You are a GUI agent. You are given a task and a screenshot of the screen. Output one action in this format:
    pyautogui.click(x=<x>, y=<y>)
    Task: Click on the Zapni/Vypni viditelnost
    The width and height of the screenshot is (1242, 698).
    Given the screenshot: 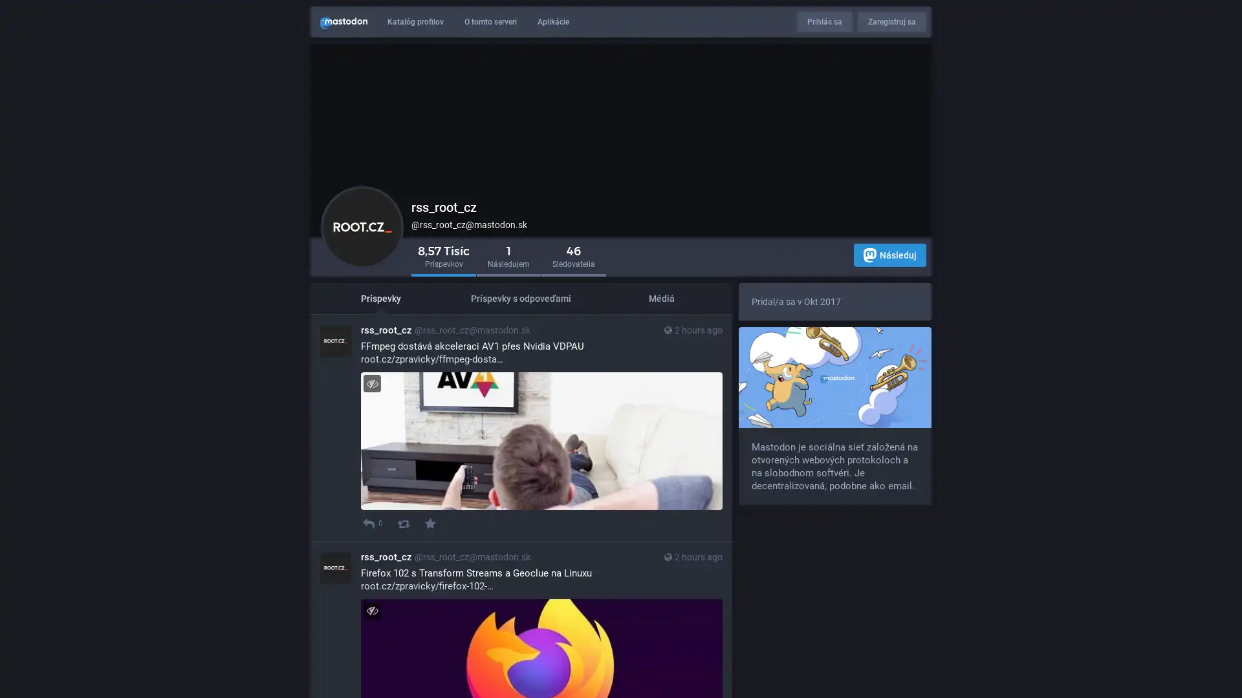 What is the action you would take?
    pyautogui.click(x=371, y=383)
    